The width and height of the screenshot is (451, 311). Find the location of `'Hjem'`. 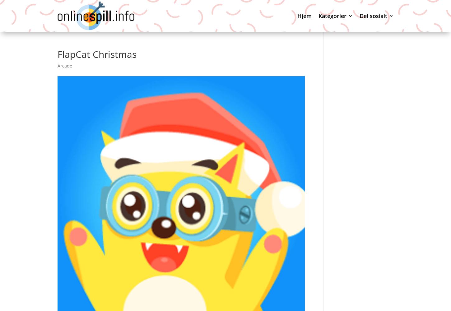

'Hjem' is located at coordinates (297, 16).